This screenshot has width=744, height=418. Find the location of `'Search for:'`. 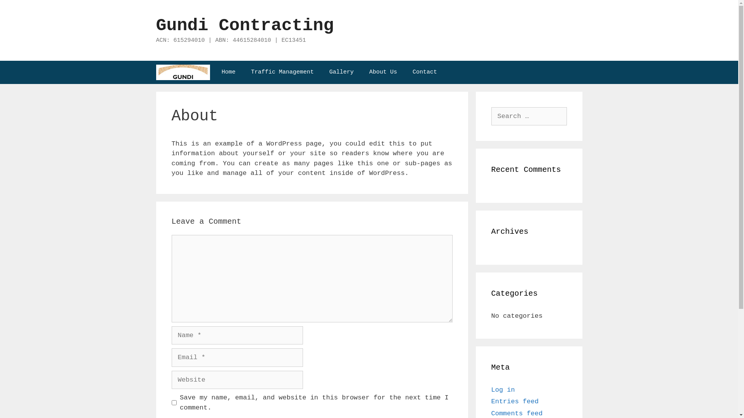

'Search for:' is located at coordinates (529, 116).